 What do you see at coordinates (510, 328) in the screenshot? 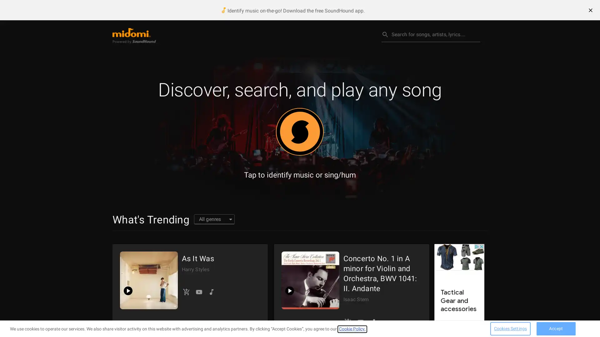
I see `Cookies Settings` at bounding box center [510, 328].